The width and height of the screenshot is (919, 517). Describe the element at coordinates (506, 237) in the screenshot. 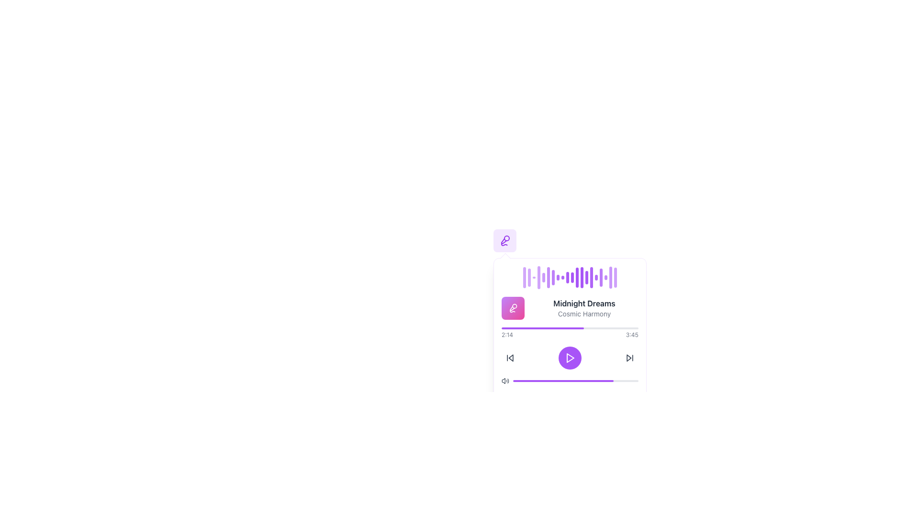

I see `the smallest circular component of the microphone icon located in the upper portion of the icon, which is part of the decorative representation and positioned above playback controls` at that location.